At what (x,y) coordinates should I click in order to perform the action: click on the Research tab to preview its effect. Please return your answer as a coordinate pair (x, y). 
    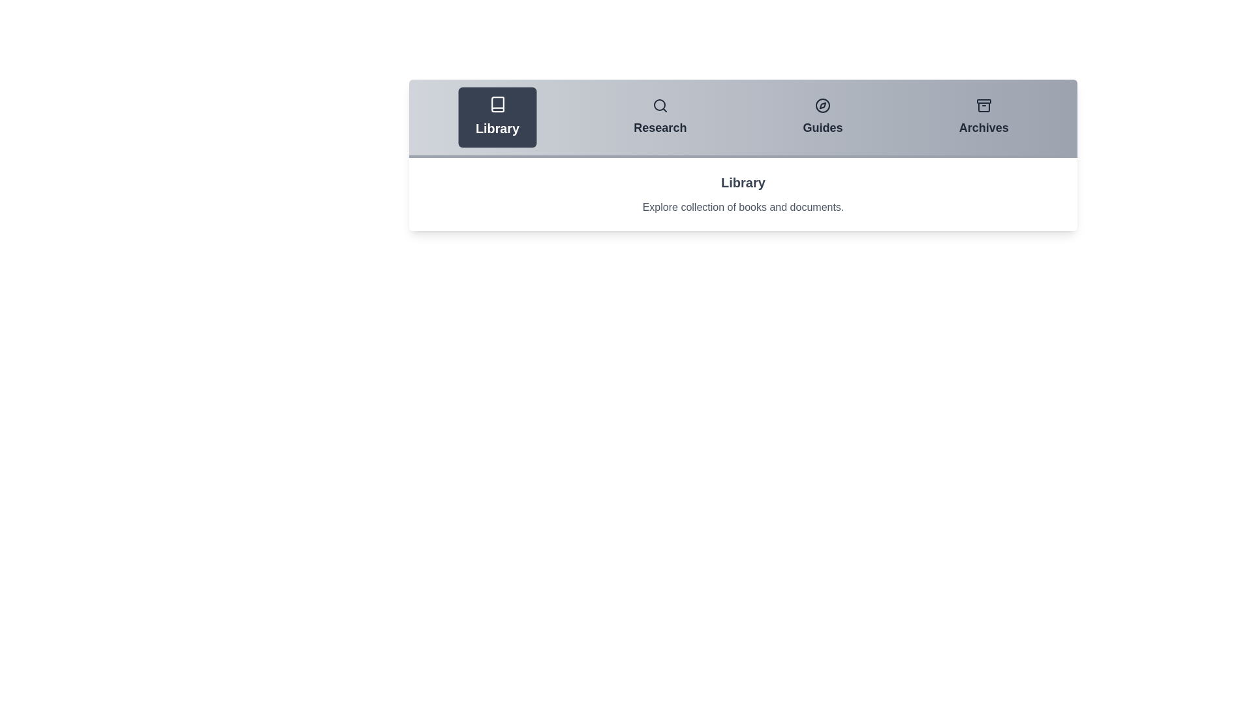
    Looking at the image, I should click on (660, 117).